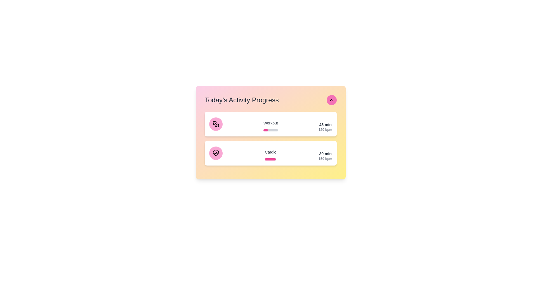 The image size is (537, 302). What do you see at coordinates (270, 152) in the screenshot?
I see `the label that describes the type of activity as 'Cardio', which is located to the right of a pink circular icon with a heart symbol, aligned horizontally with the icon and vertically centered in the white box` at bounding box center [270, 152].